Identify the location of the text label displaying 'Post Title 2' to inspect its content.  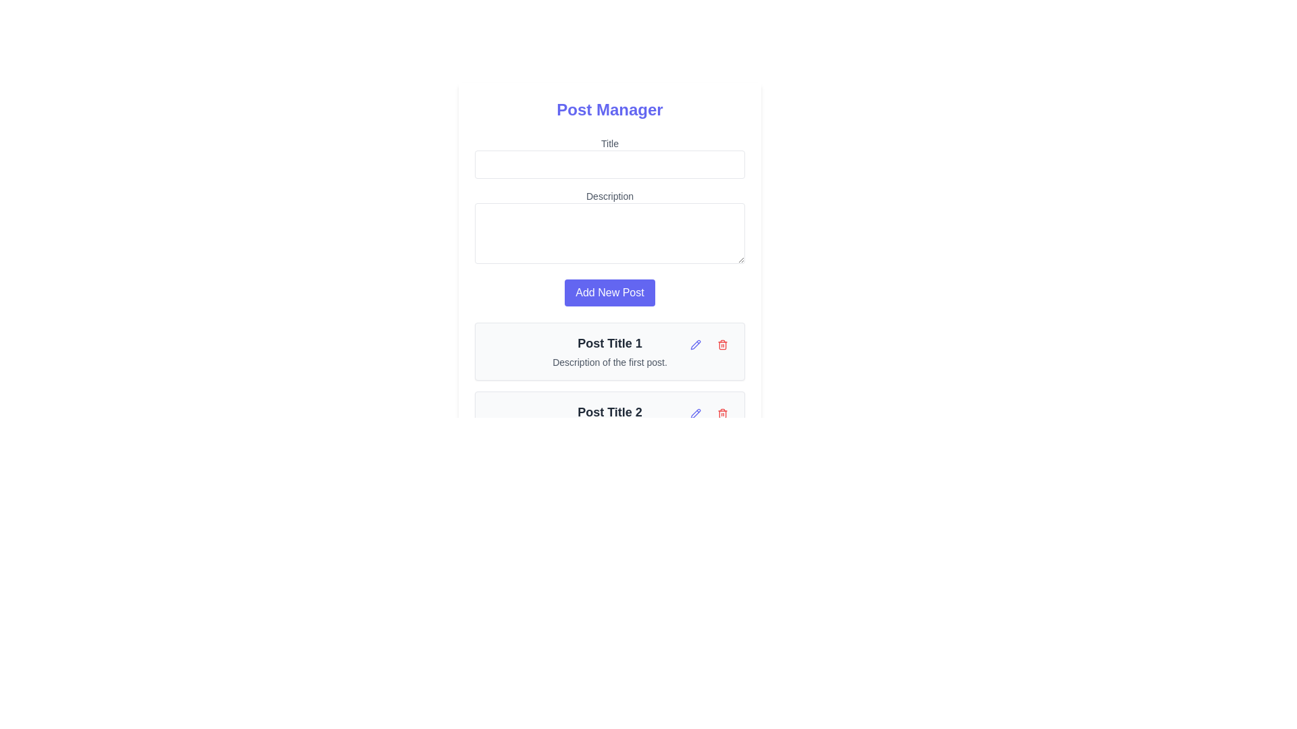
(609, 411).